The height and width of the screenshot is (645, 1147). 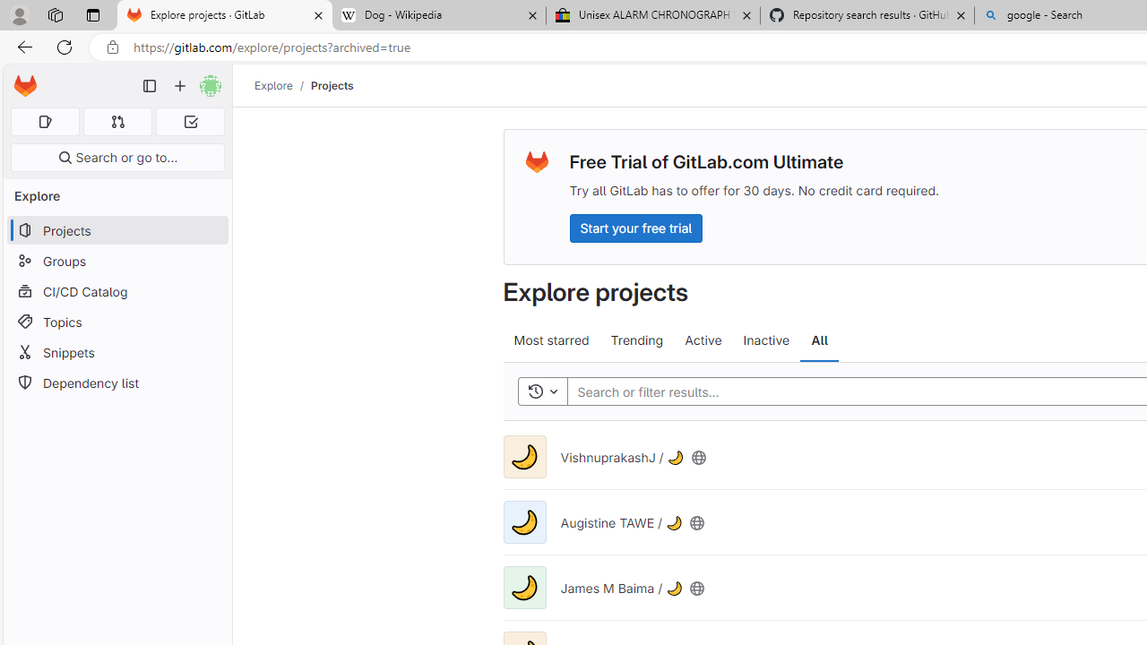 What do you see at coordinates (116, 321) in the screenshot?
I see `'Topics'` at bounding box center [116, 321].